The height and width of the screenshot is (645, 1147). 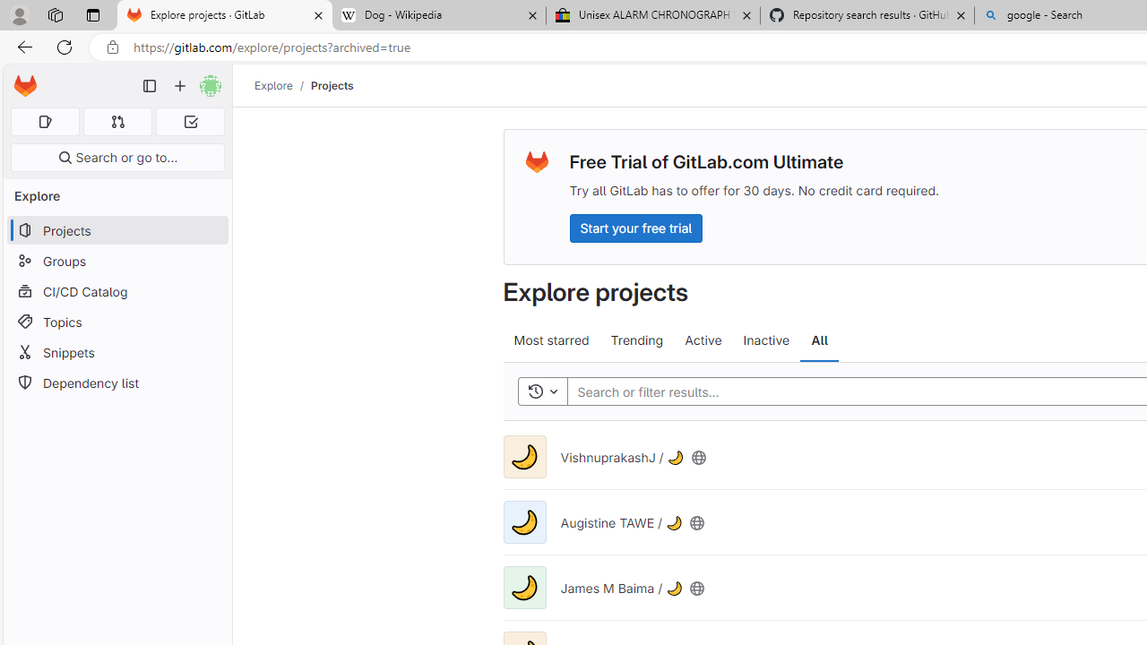 What do you see at coordinates (116, 321) in the screenshot?
I see `'Topics'` at bounding box center [116, 321].